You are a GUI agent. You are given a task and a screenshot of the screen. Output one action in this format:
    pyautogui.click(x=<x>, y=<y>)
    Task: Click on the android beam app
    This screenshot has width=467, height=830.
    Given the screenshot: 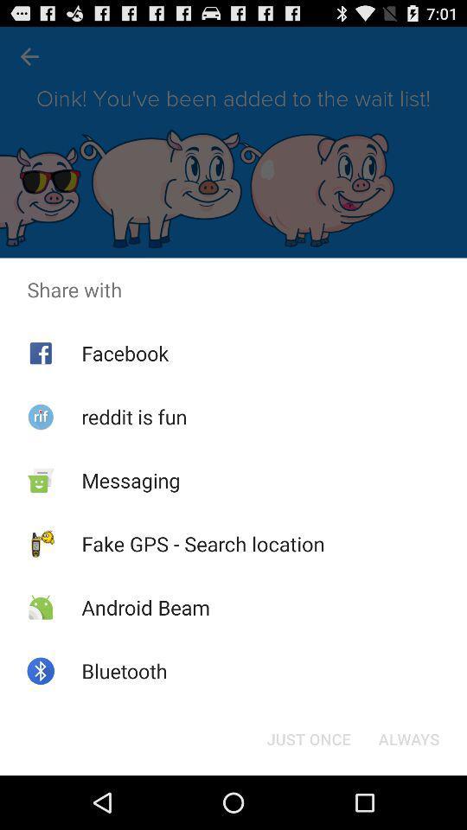 What is the action you would take?
    pyautogui.click(x=144, y=607)
    